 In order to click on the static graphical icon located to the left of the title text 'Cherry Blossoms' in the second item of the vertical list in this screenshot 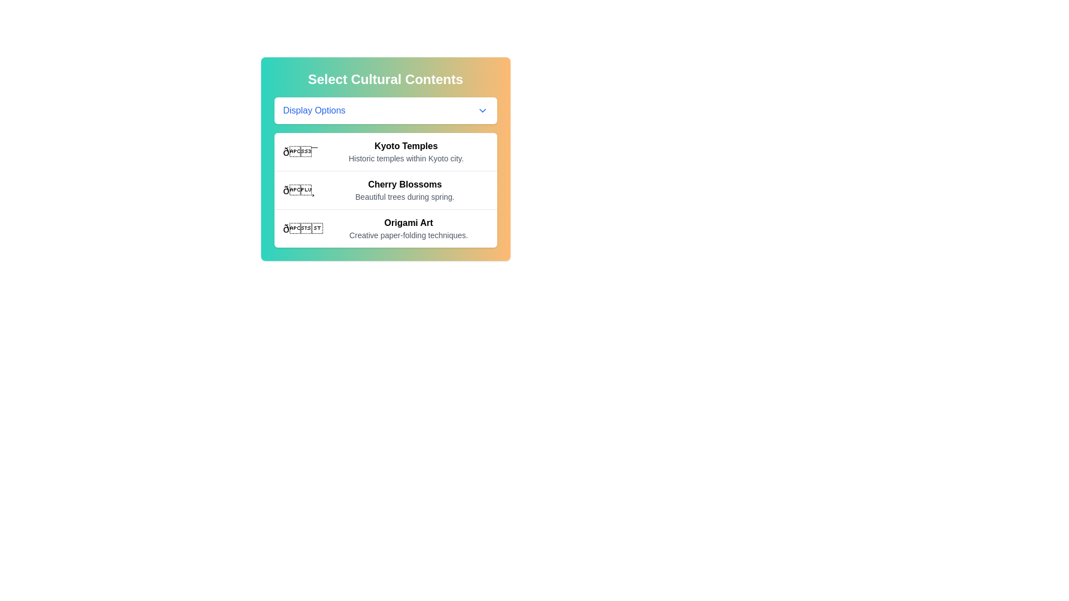, I will do `click(299, 190)`.